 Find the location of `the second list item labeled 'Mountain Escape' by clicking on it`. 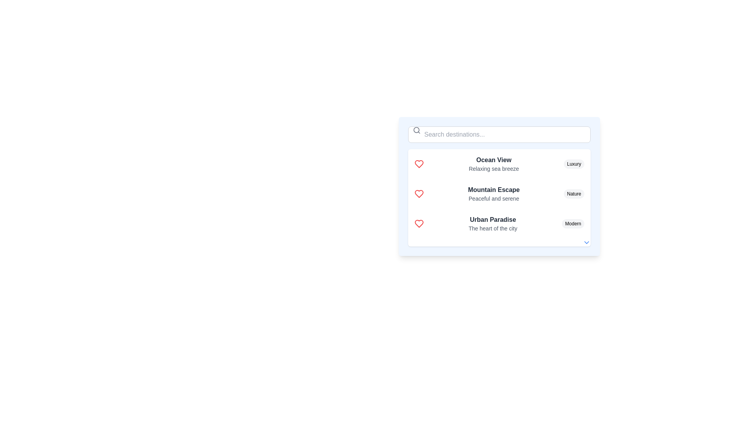

the second list item labeled 'Mountain Escape' by clicking on it is located at coordinates (499, 197).